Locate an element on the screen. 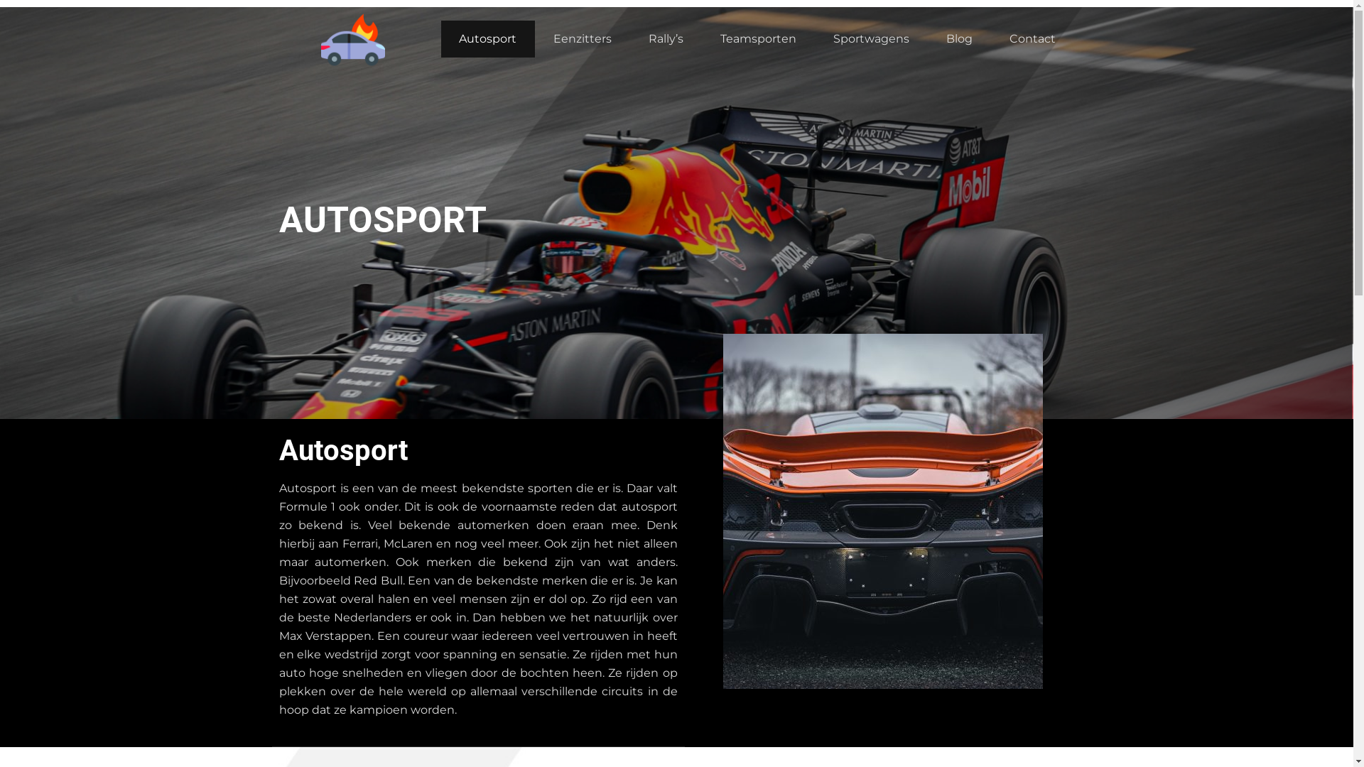 The height and width of the screenshot is (767, 1364). 'Contact' is located at coordinates (1032, 38).